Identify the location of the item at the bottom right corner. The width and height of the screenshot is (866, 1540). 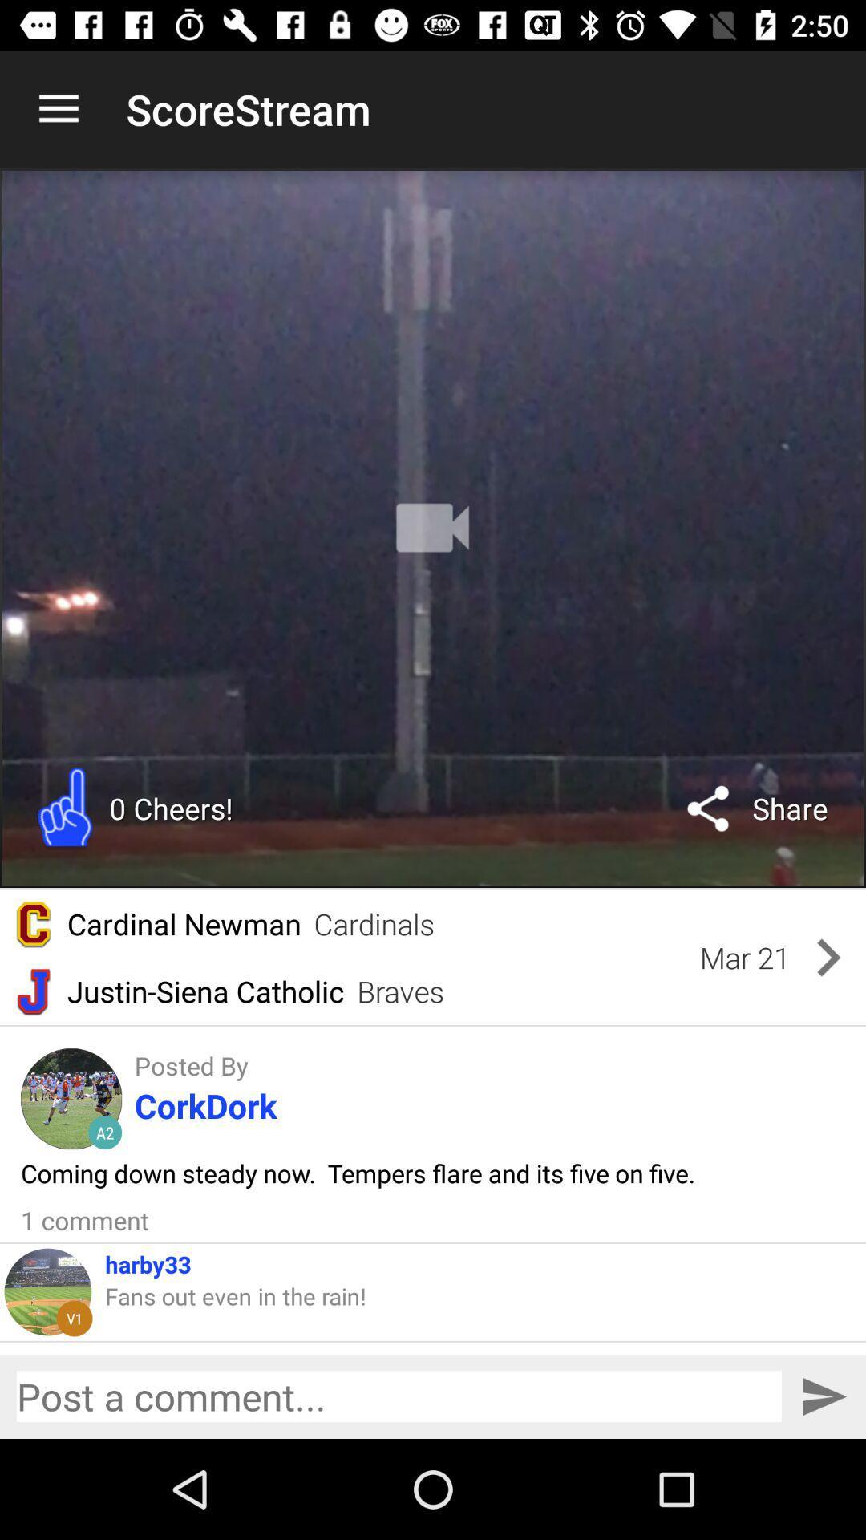
(824, 1396).